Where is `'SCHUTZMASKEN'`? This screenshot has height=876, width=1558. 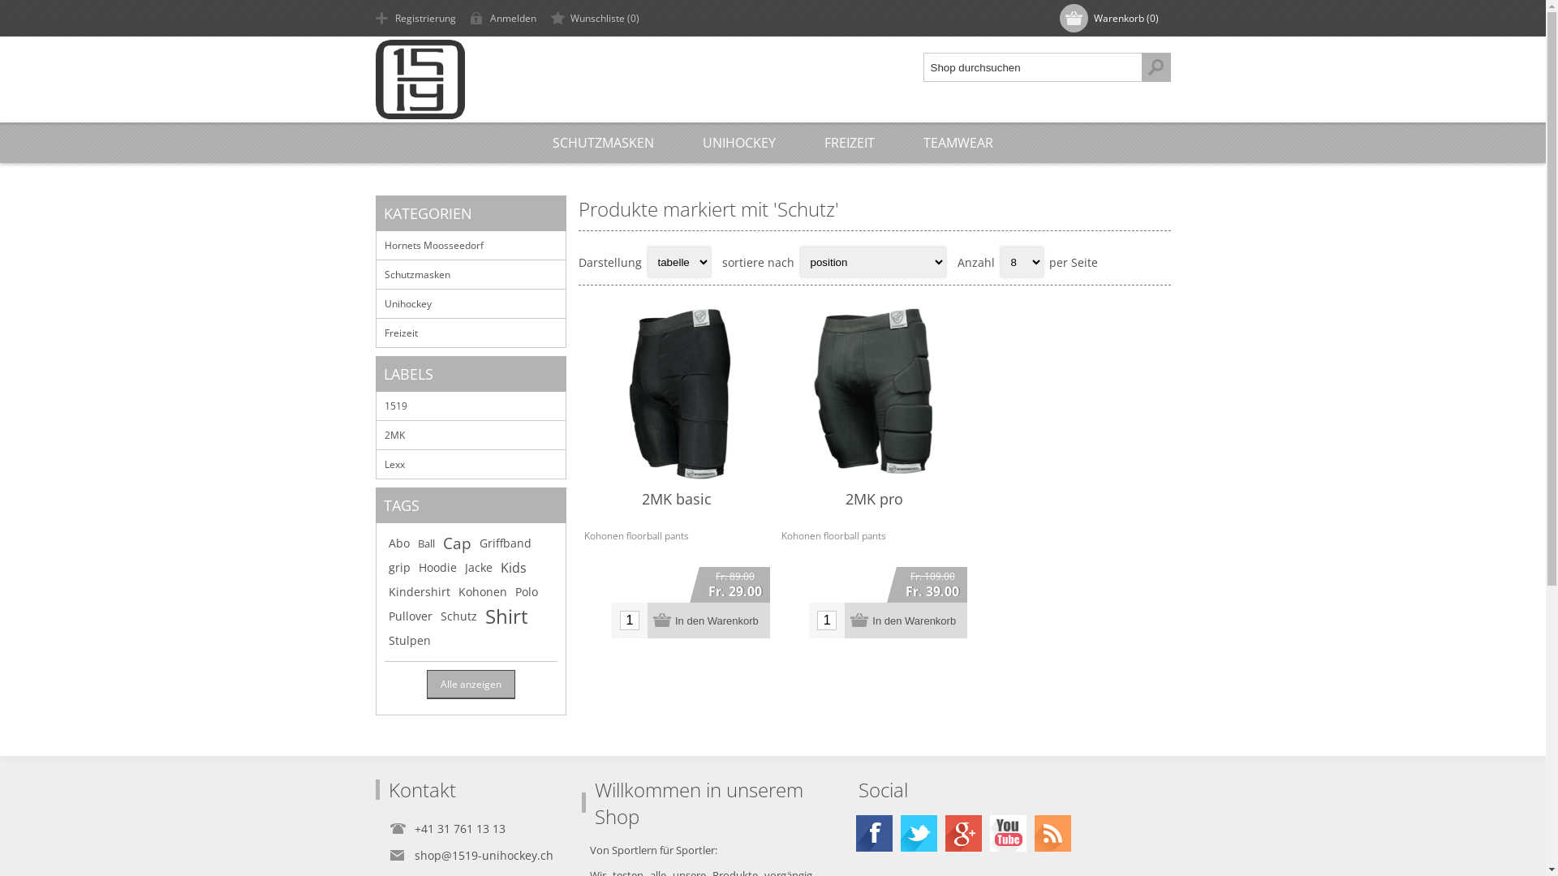 'SCHUTZMASKEN' is located at coordinates (602, 142).